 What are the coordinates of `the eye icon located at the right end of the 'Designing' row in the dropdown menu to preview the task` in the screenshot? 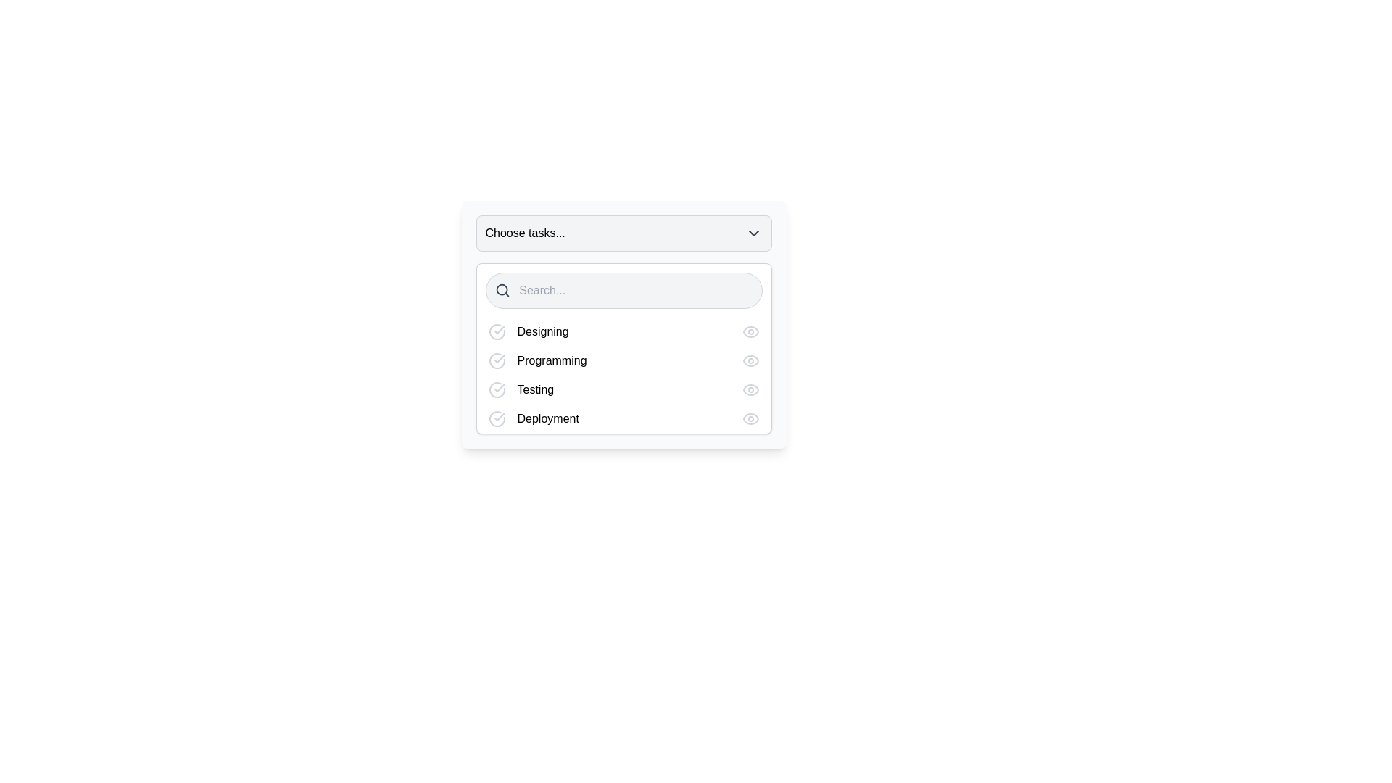 It's located at (750, 332).